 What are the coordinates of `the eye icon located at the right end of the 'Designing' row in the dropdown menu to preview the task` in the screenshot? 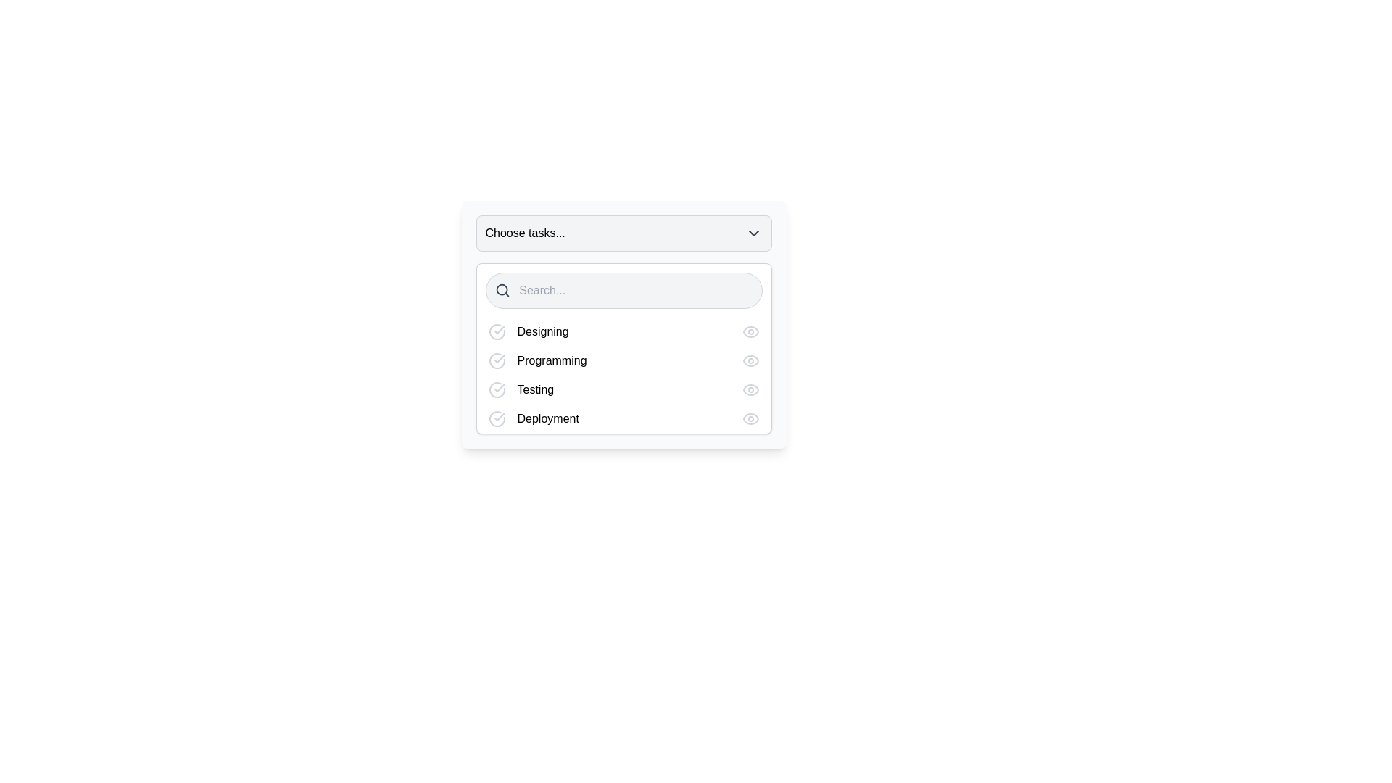 It's located at (750, 332).